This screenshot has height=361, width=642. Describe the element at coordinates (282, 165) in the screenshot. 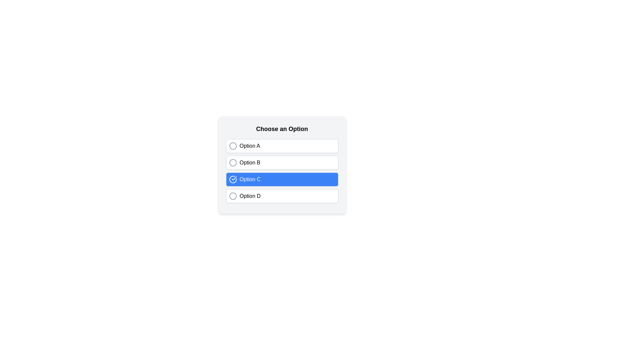

I see `the radio button labeled 'Option B'` at that location.